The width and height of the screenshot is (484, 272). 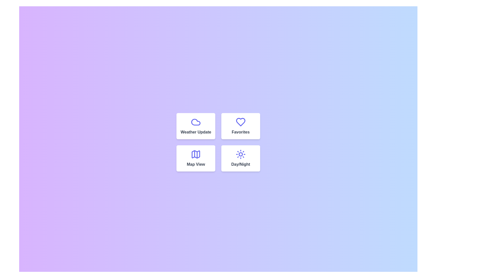 What do you see at coordinates (196, 122) in the screenshot?
I see `the indigo cloud icon located in the 'Weather Update' group at the top-left of the grid` at bounding box center [196, 122].